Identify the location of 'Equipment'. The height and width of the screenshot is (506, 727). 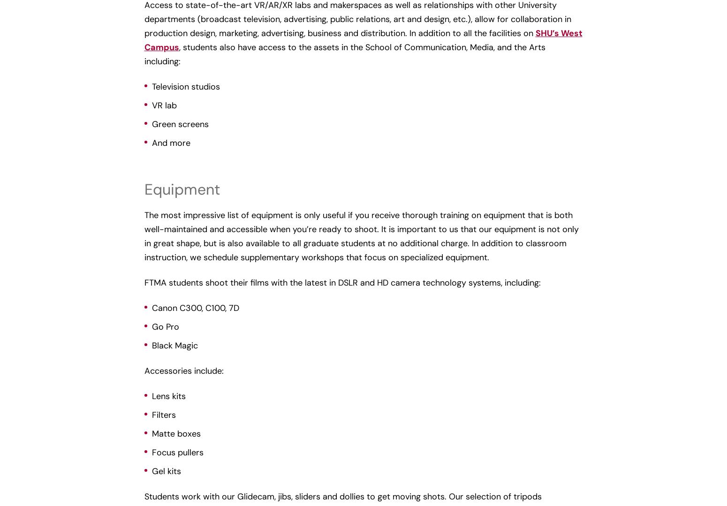
(181, 189).